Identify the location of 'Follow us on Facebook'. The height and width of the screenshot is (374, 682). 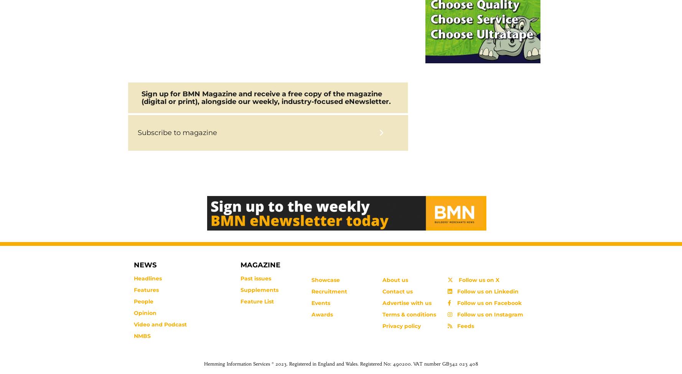
(489, 303).